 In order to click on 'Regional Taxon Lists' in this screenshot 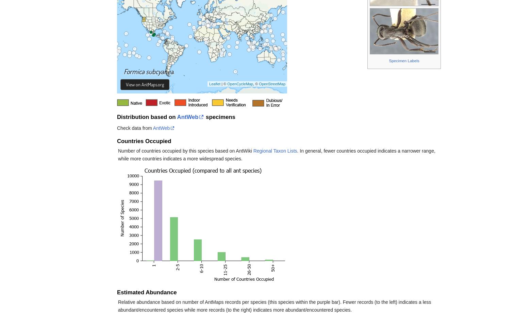, I will do `click(275, 151)`.